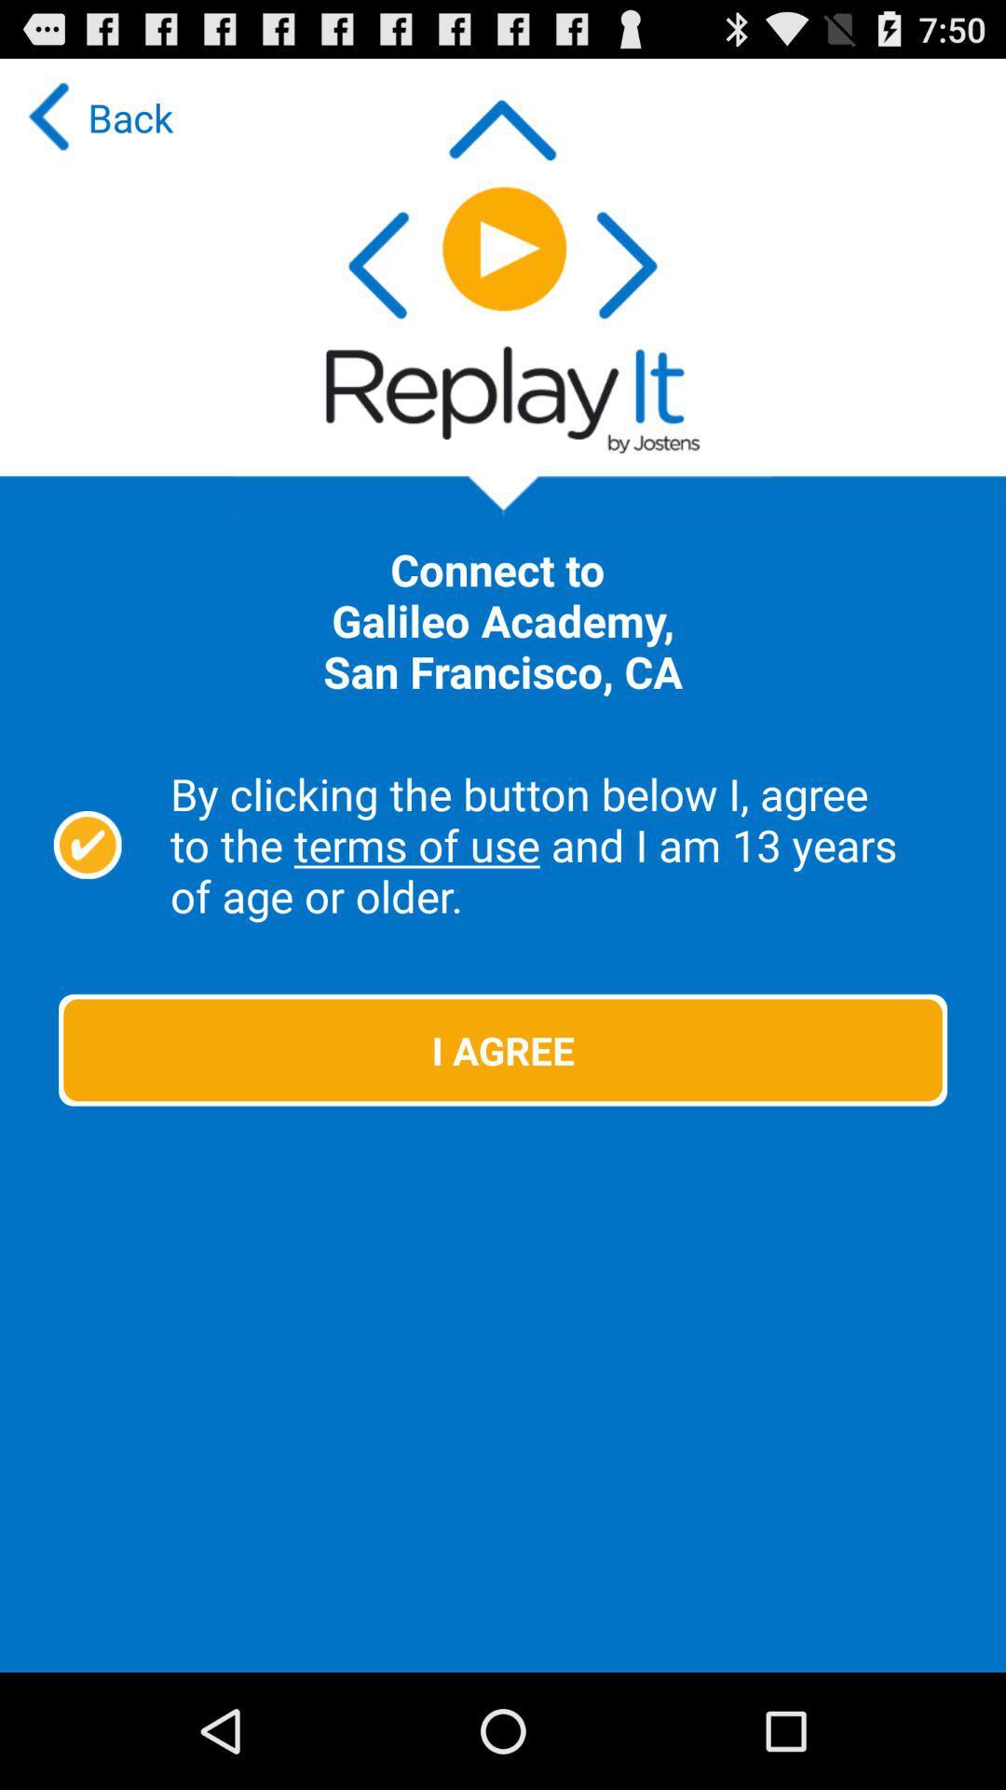 The width and height of the screenshot is (1006, 1790). What do you see at coordinates (88, 844) in the screenshot?
I see `by clicking the button below` at bounding box center [88, 844].